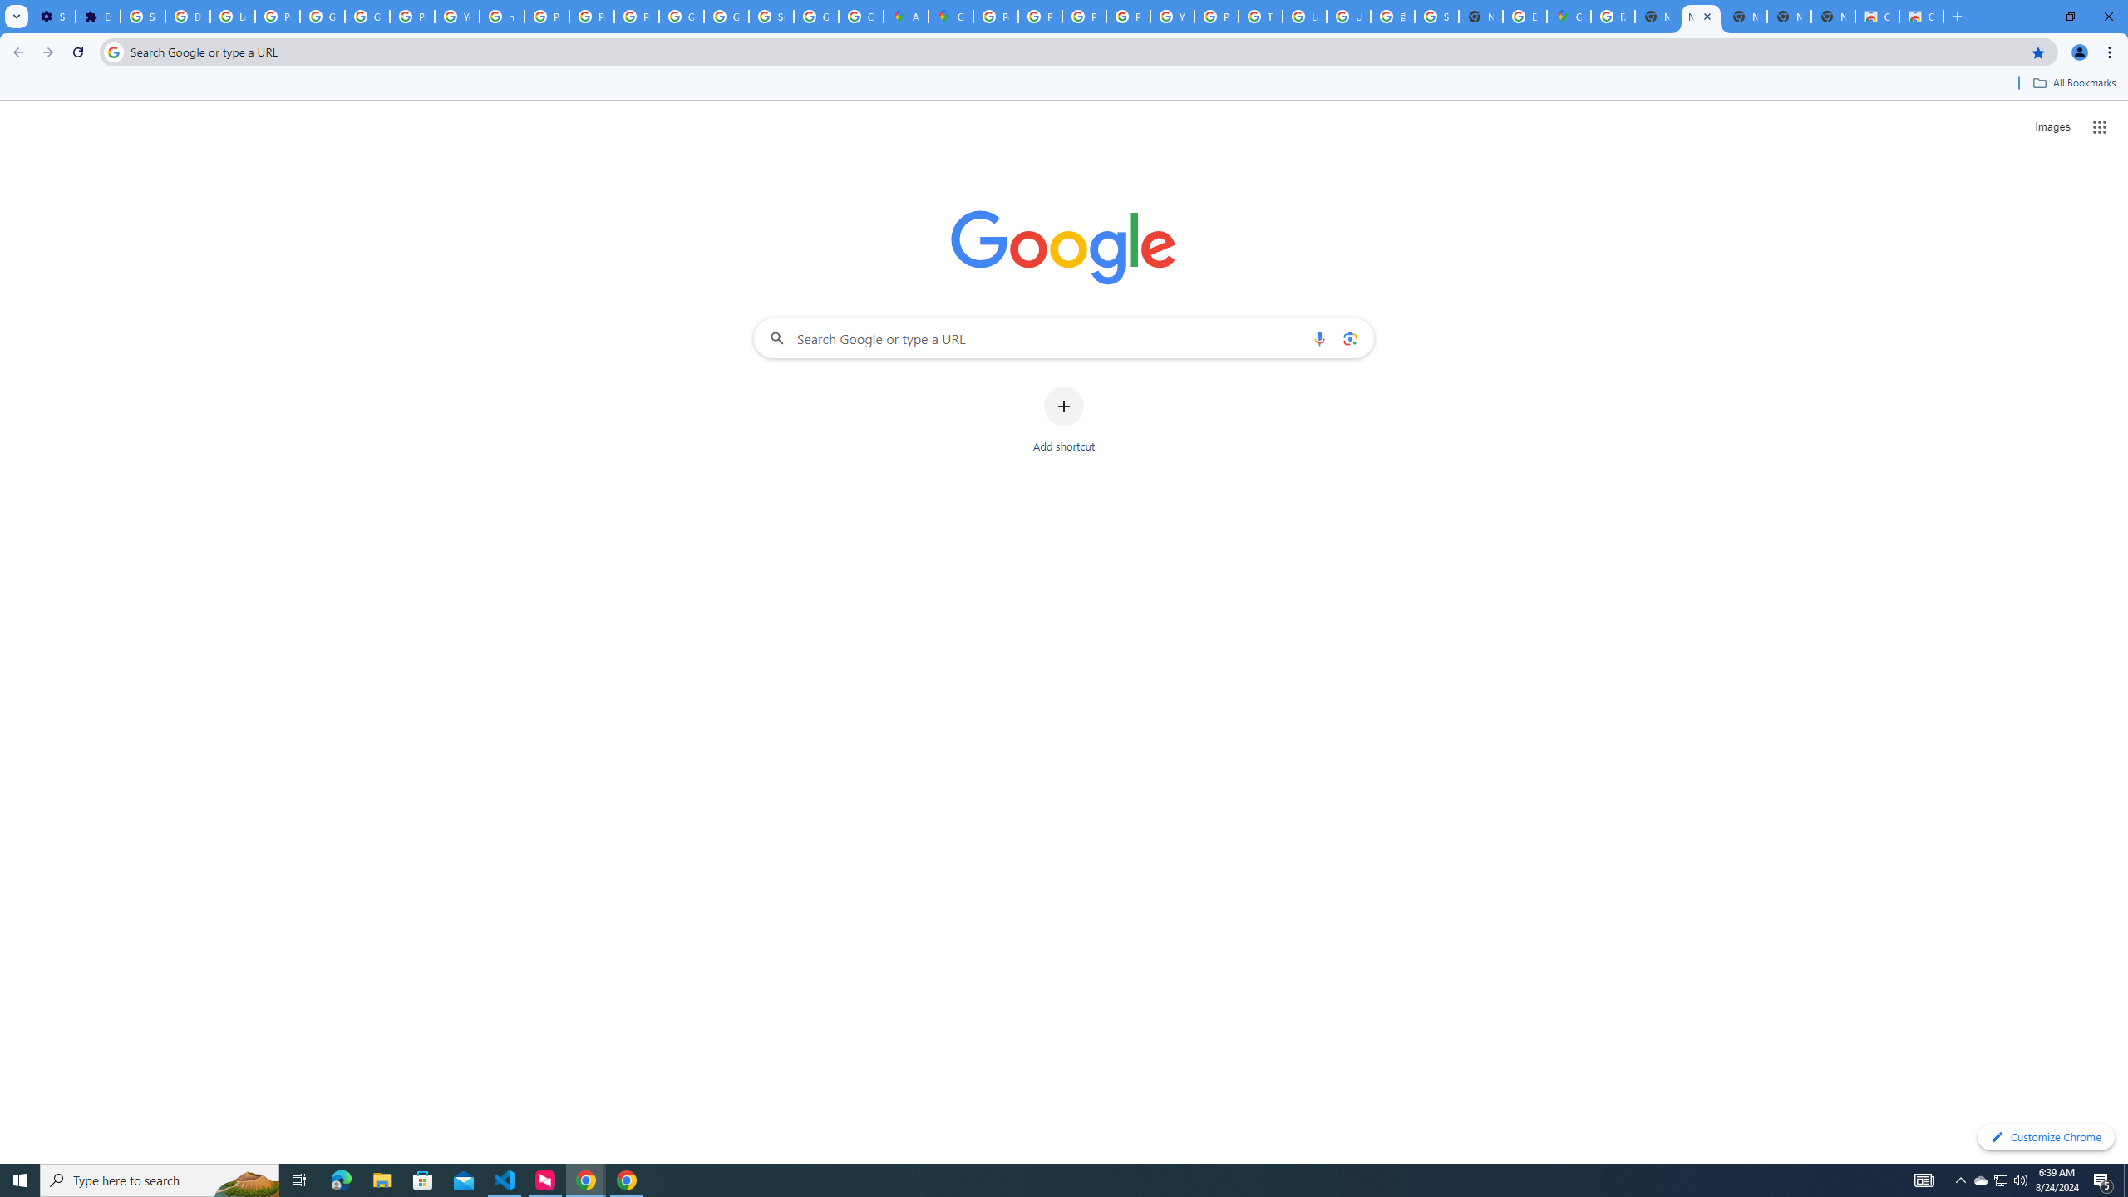  Describe the element at coordinates (186, 16) in the screenshot. I see `'Delete photos & videos - Computer - Google Photos Help'` at that location.